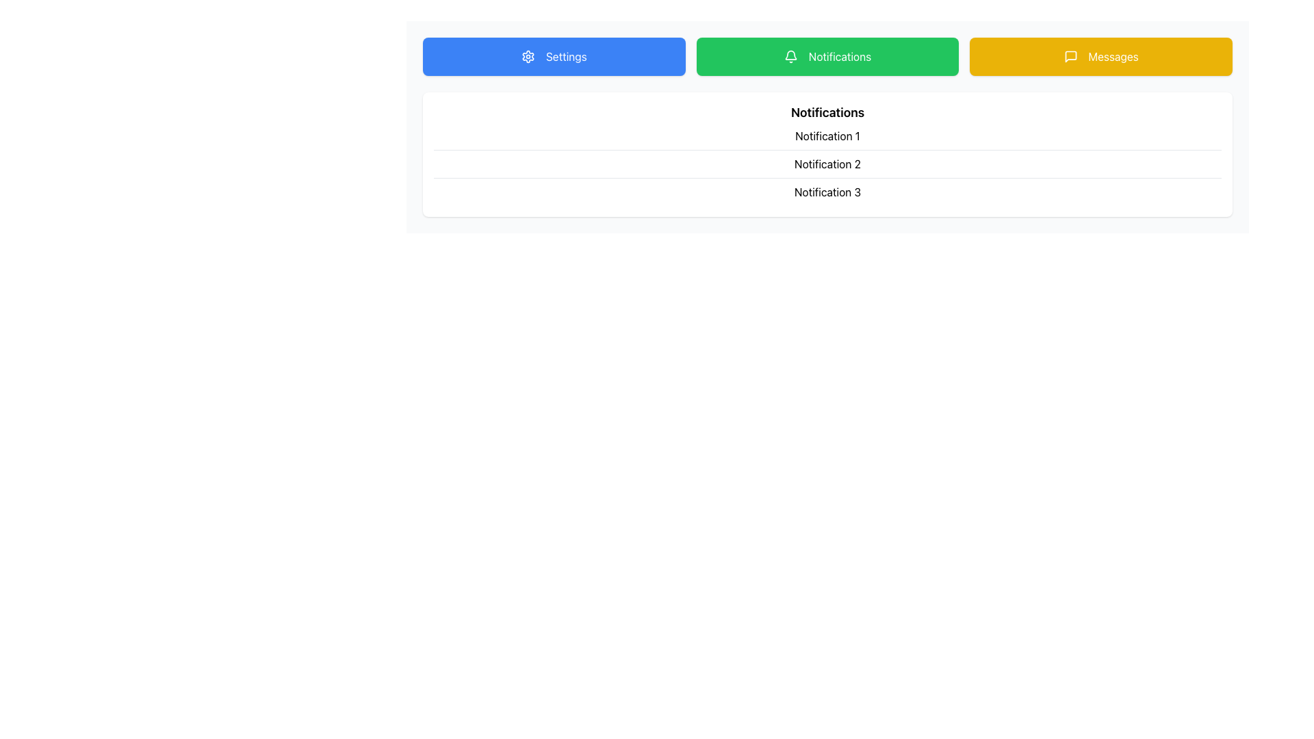 This screenshot has height=739, width=1314. What do you see at coordinates (1101, 56) in the screenshot?
I see `the 'Messages' button, which is a rectangular button with a yellow background and white text, located to the right of the green 'Notifications' button at the top of the page` at bounding box center [1101, 56].